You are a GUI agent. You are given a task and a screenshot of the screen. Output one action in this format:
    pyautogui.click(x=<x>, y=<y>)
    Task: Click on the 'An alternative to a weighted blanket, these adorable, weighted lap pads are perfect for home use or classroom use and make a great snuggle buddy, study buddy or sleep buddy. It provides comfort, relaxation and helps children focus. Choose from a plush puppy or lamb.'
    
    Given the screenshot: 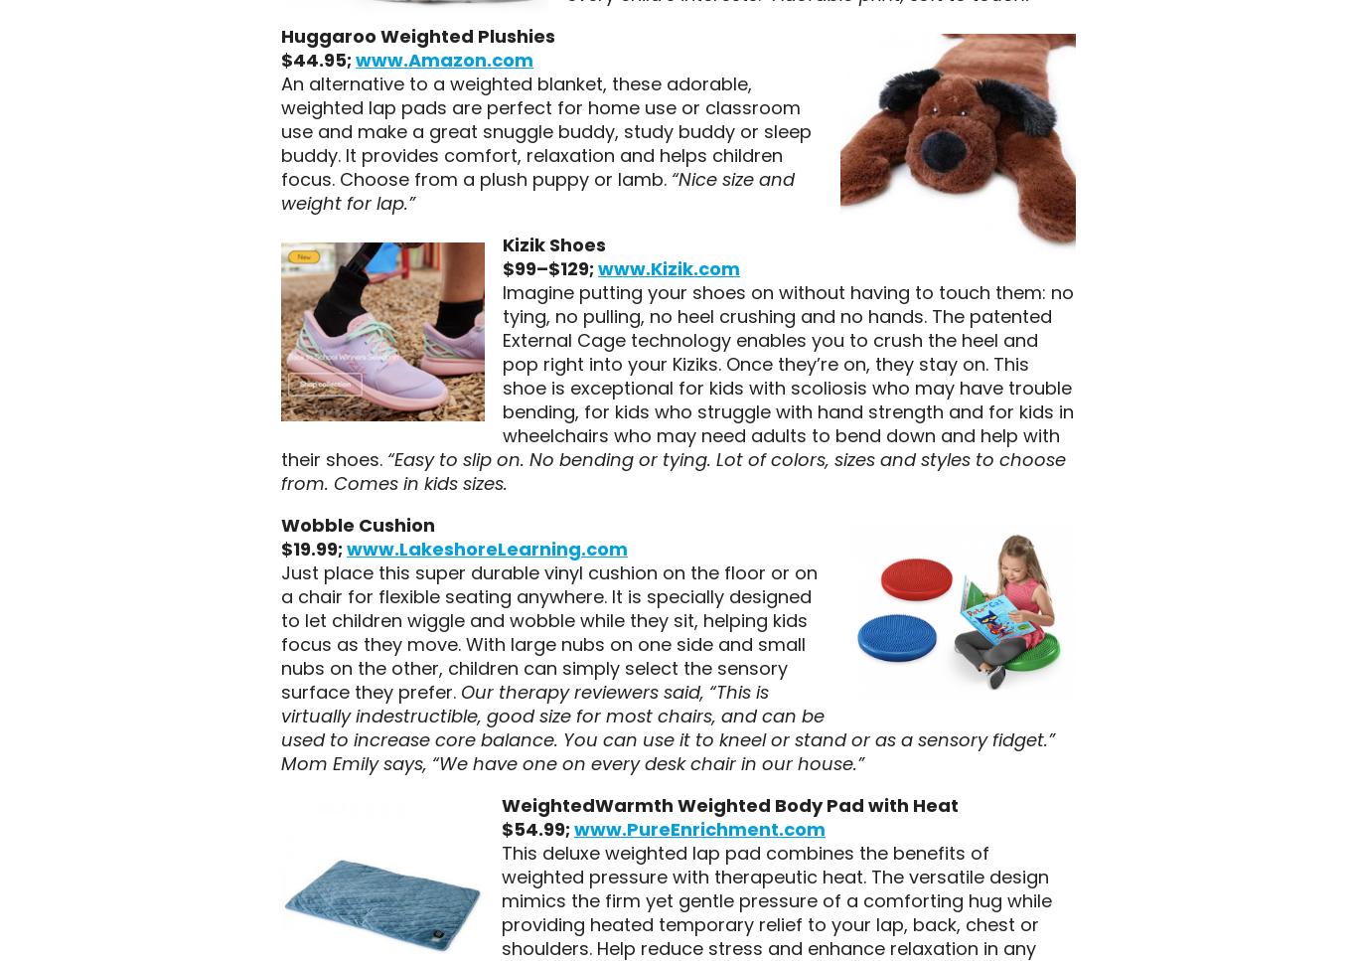 What is the action you would take?
    pyautogui.click(x=544, y=129)
    